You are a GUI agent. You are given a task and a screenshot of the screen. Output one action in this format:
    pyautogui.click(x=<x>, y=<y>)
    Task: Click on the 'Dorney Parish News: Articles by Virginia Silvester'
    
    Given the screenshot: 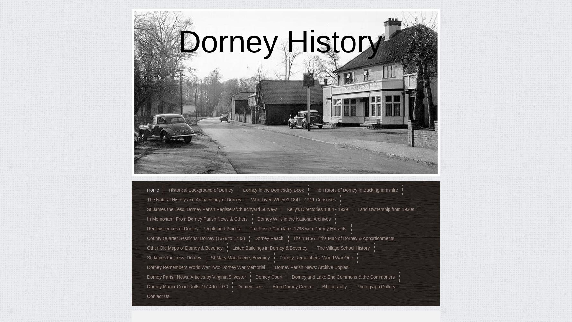 What is the action you would take?
    pyautogui.click(x=196, y=277)
    